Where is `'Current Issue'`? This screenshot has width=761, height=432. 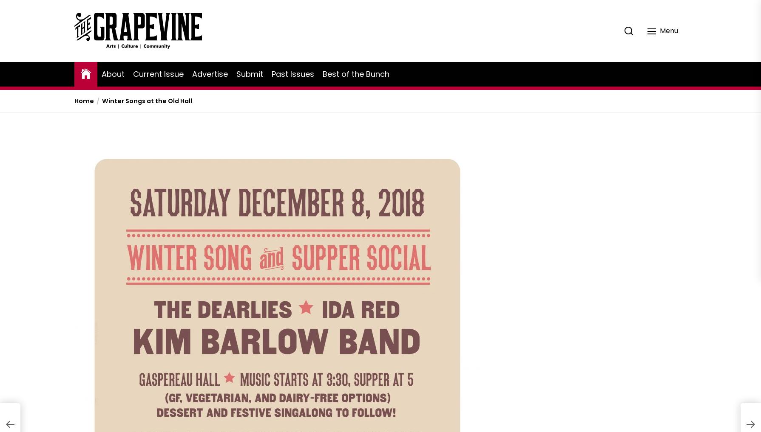 'Current Issue' is located at coordinates (158, 73).